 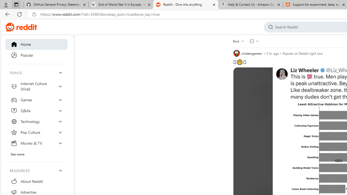 What do you see at coordinates (247, 53) in the screenshot?
I see `'r/videogames icon r/videogames'` at bounding box center [247, 53].